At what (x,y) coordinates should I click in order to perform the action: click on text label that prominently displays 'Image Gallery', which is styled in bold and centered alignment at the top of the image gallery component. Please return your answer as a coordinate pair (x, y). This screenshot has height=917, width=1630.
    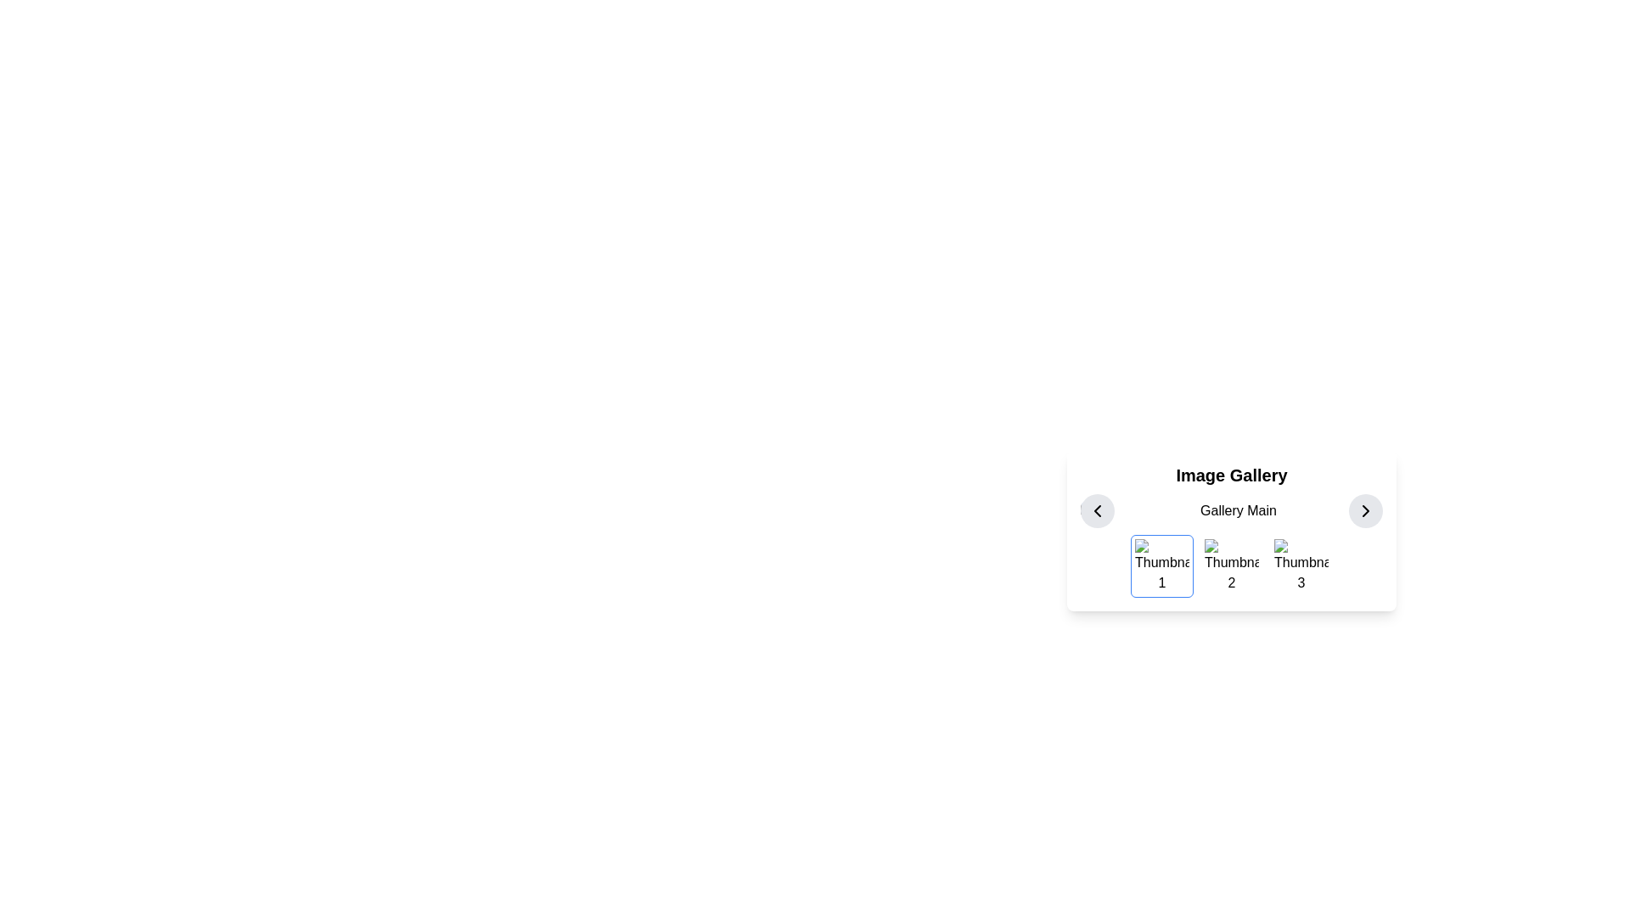
    Looking at the image, I should click on (1231, 475).